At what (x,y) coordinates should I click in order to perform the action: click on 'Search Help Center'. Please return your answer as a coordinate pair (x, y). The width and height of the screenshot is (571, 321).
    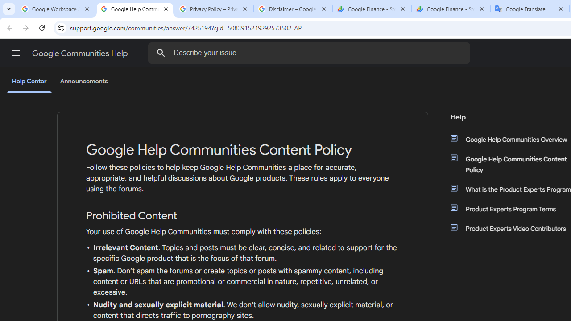
    Looking at the image, I should click on (161, 53).